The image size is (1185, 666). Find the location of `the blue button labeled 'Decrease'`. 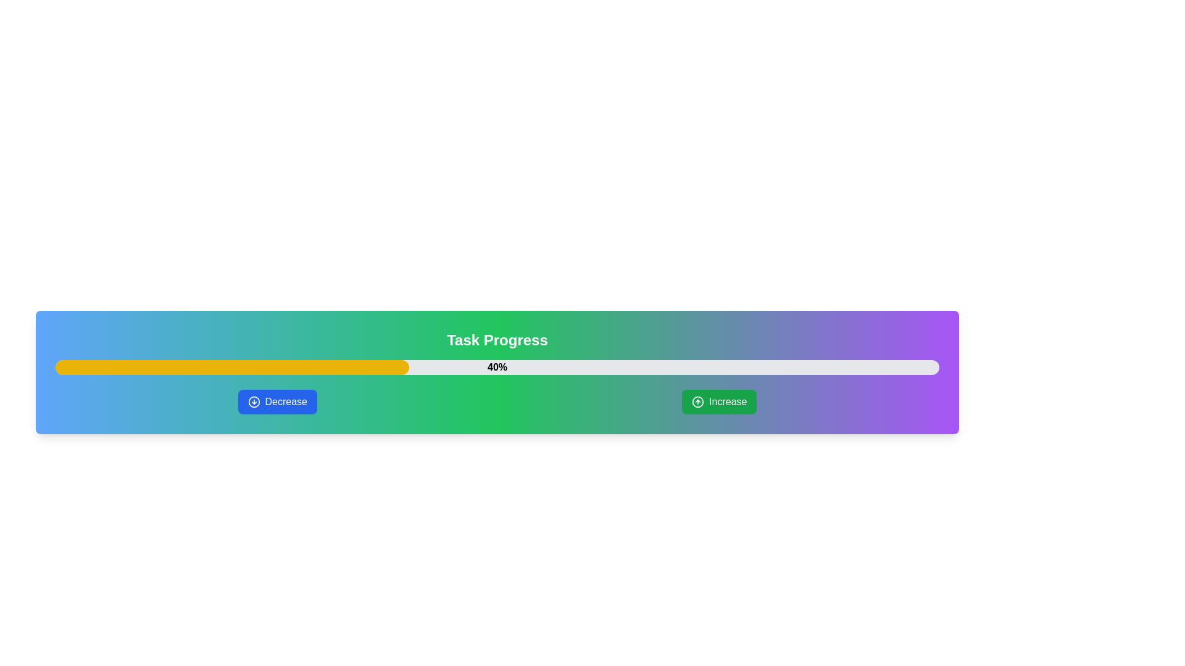

the blue button labeled 'Decrease' is located at coordinates (276, 401).